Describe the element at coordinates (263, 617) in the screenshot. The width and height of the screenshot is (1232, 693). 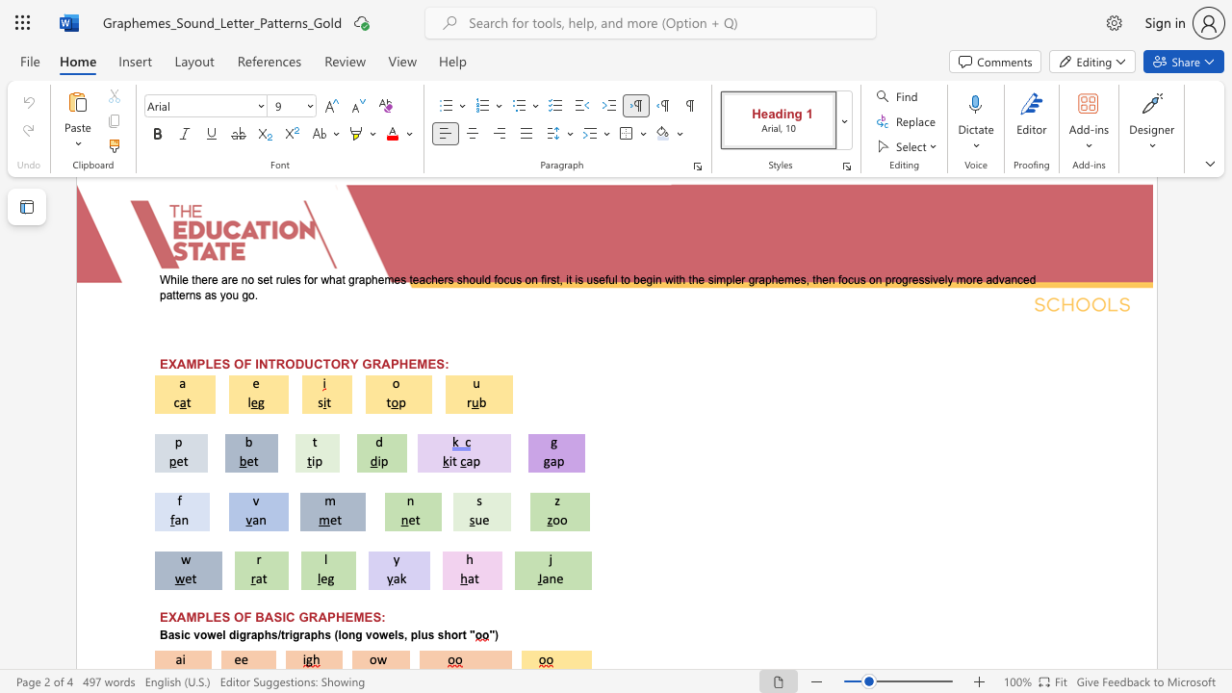
I see `the subset text "ASIC GRAPHEMES:" within the text "EXAMPLES OF BASIC GRAPHEMES:"` at that location.